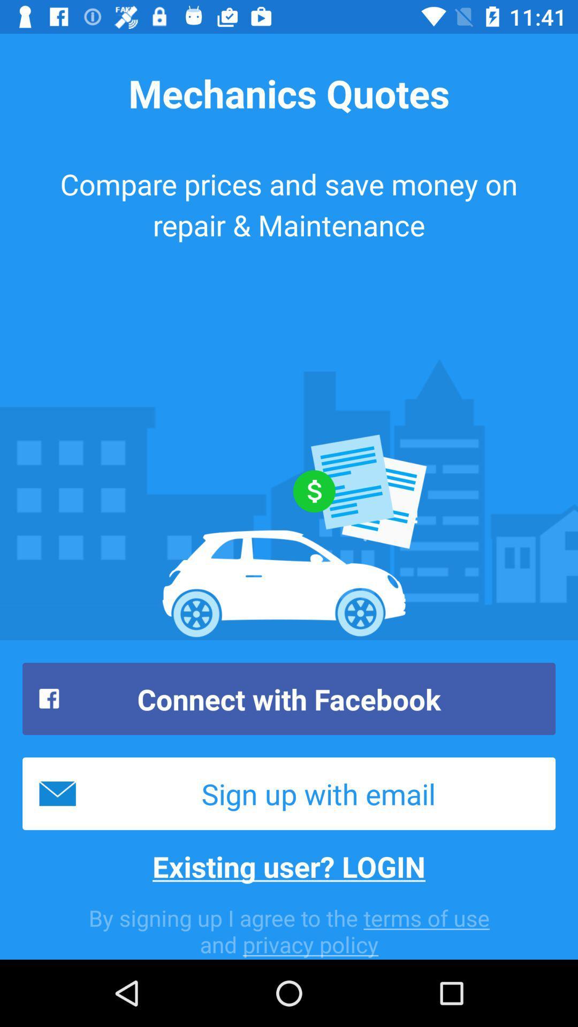 The image size is (578, 1027). I want to click on by signing up icon, so click(289, 930).